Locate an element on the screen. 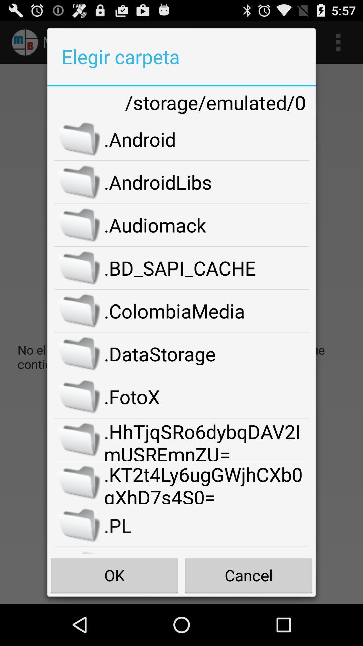  .datastorage app is located at coordinates (206, 353).